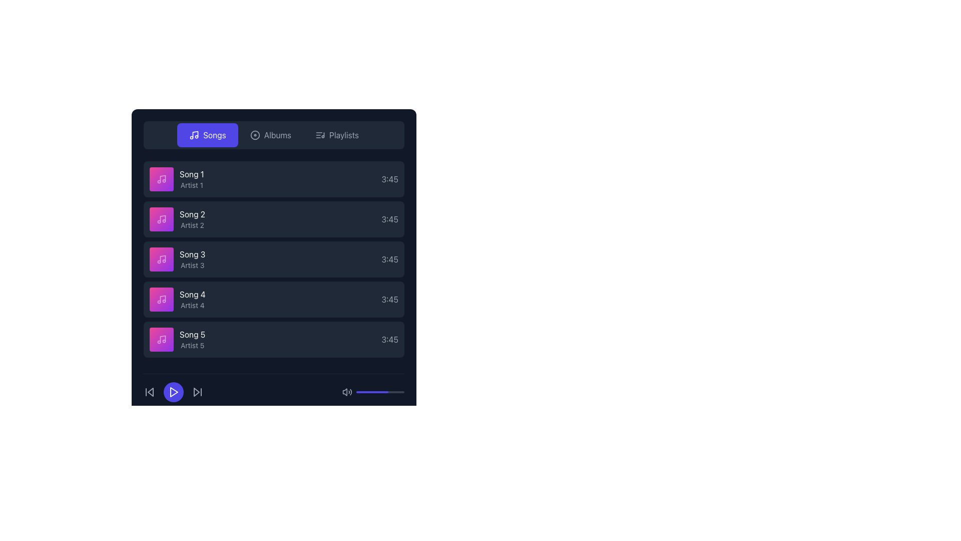 The image size is (961, 541). What do you see at coordinates (274, 339) in the screenshot?
I see `the fifth list item displaying media information, which shows 'Song 5' by 'Artist 5' and has a duration of '3:45'` at bounding box center [274, 339].